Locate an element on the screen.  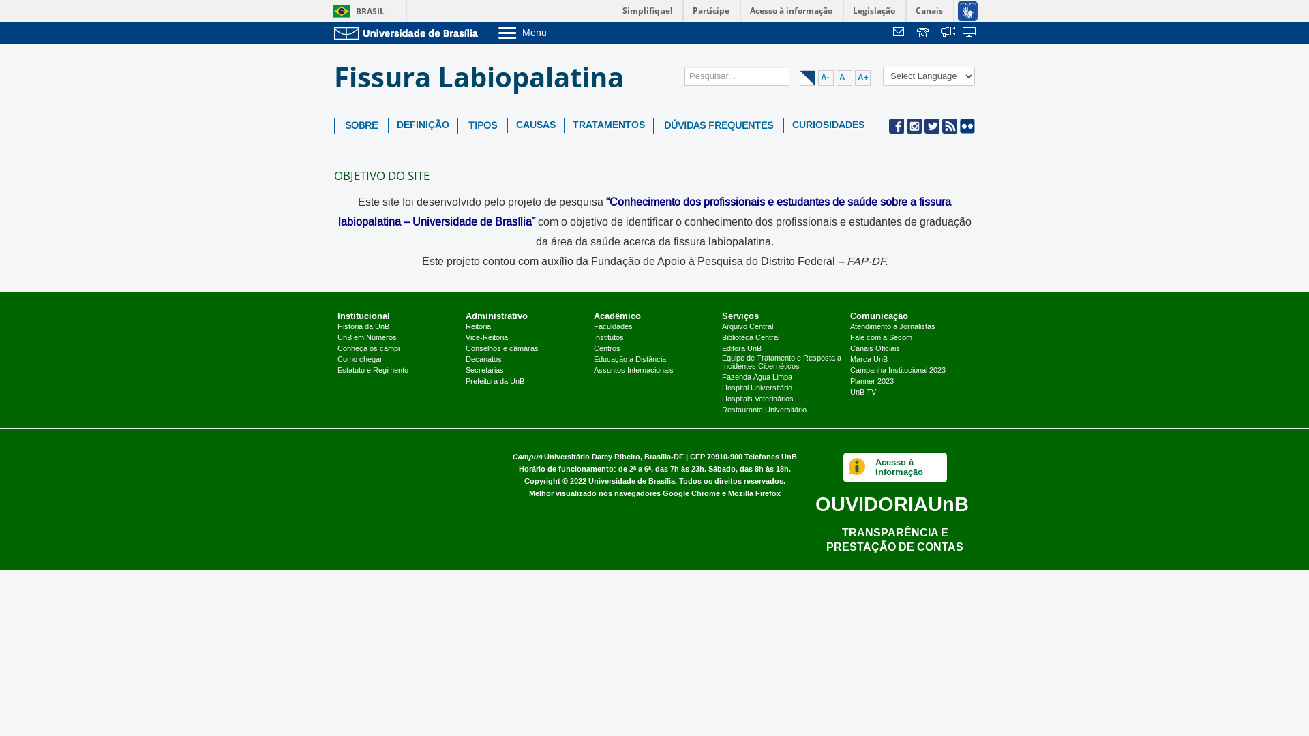
'Fala.BR' is located at coordinates (938, 33).